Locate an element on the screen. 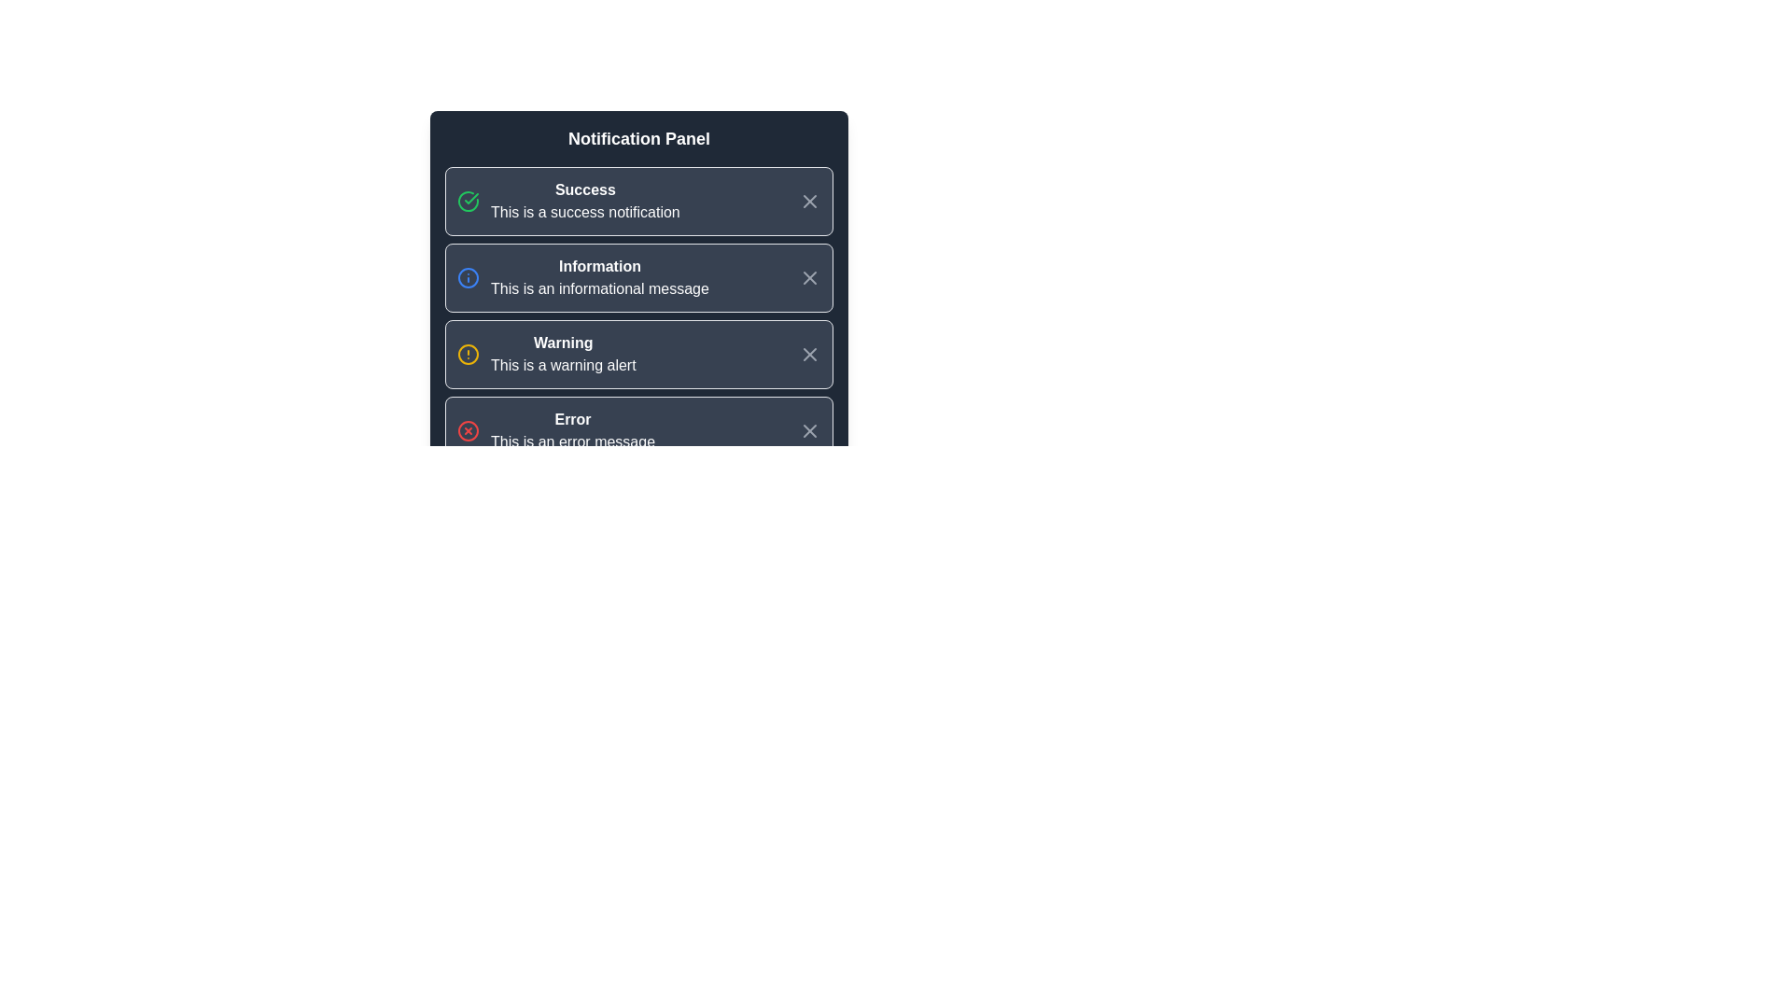 This screenshot has height=1008, width=1792. the first informational notification item in the Notification Panel that conveys a success message to the user is located at coordinates (584, 202).